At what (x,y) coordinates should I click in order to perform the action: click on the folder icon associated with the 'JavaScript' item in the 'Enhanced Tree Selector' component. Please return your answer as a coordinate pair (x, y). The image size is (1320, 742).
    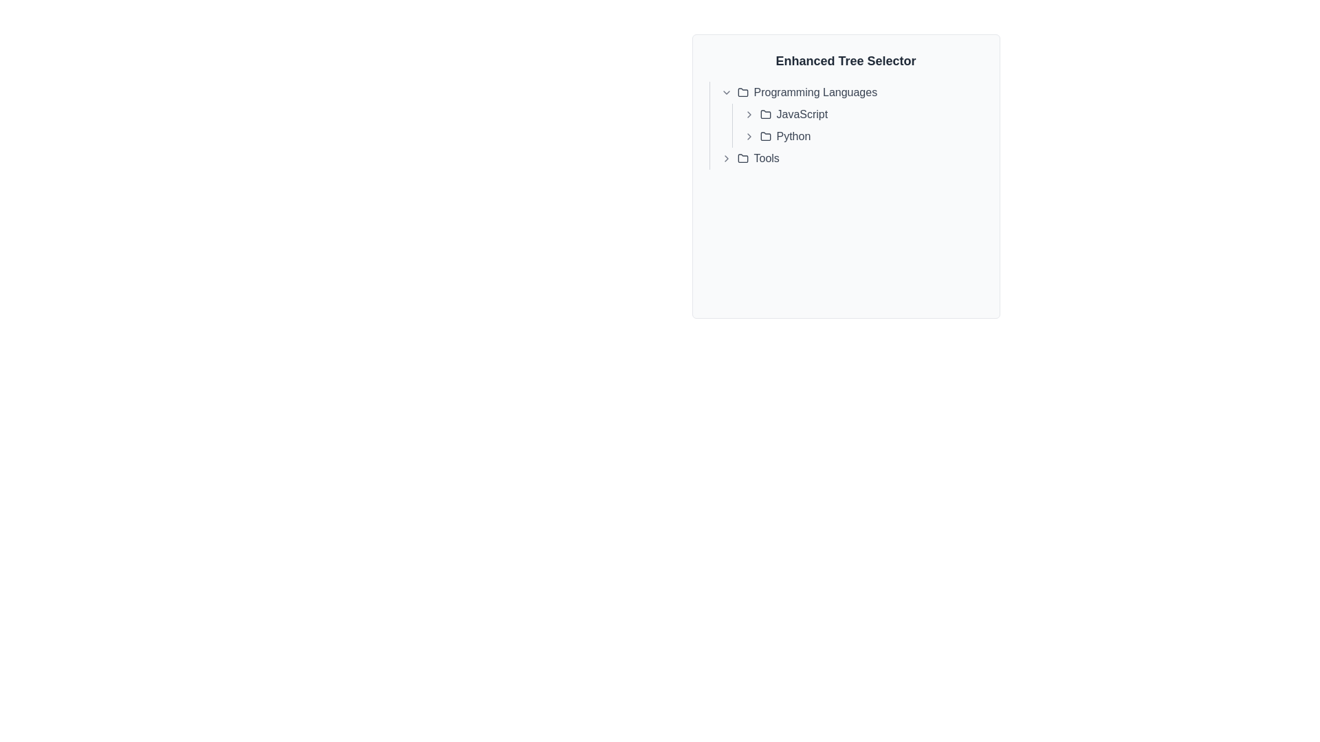
    Looking at the image, I should click on (764, 113).